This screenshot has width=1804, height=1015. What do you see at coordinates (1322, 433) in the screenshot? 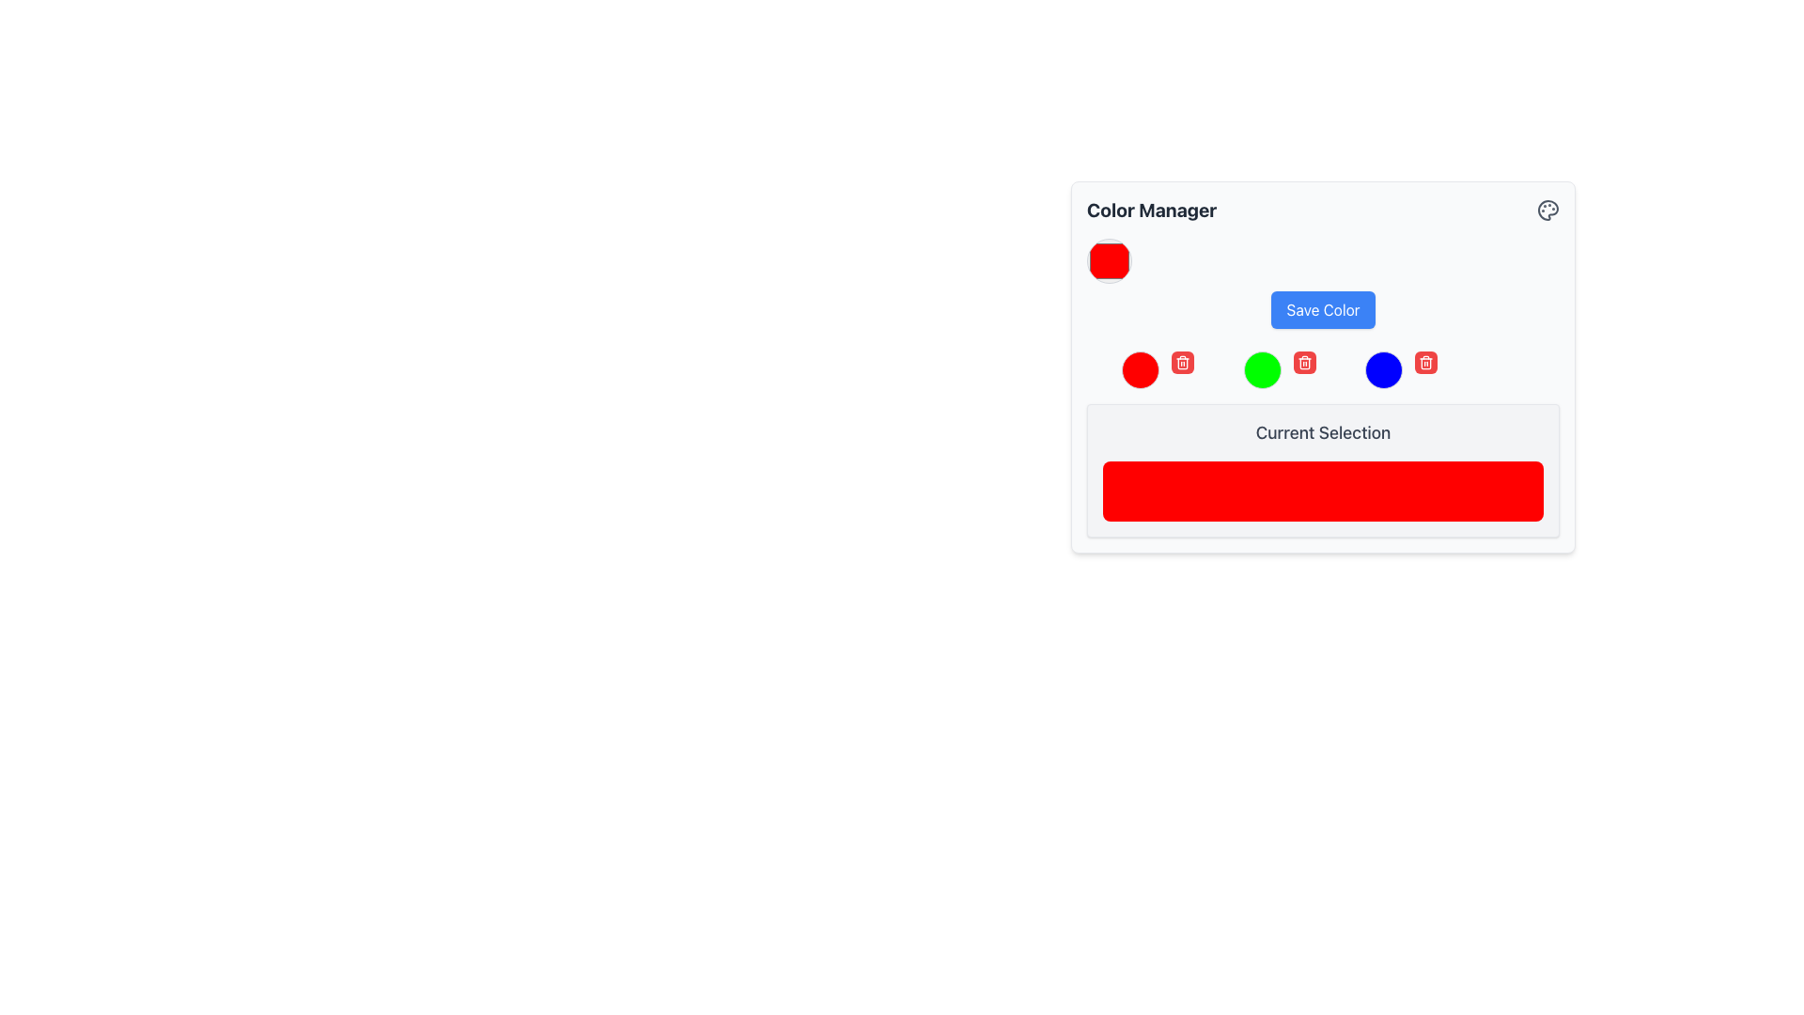
I see `the text label that displays 'Current Selection', which is styled with gray color and centered alignment, located in the bottom-middle of the 'Color Manager' card interface` at bounding box center [1322, 433].